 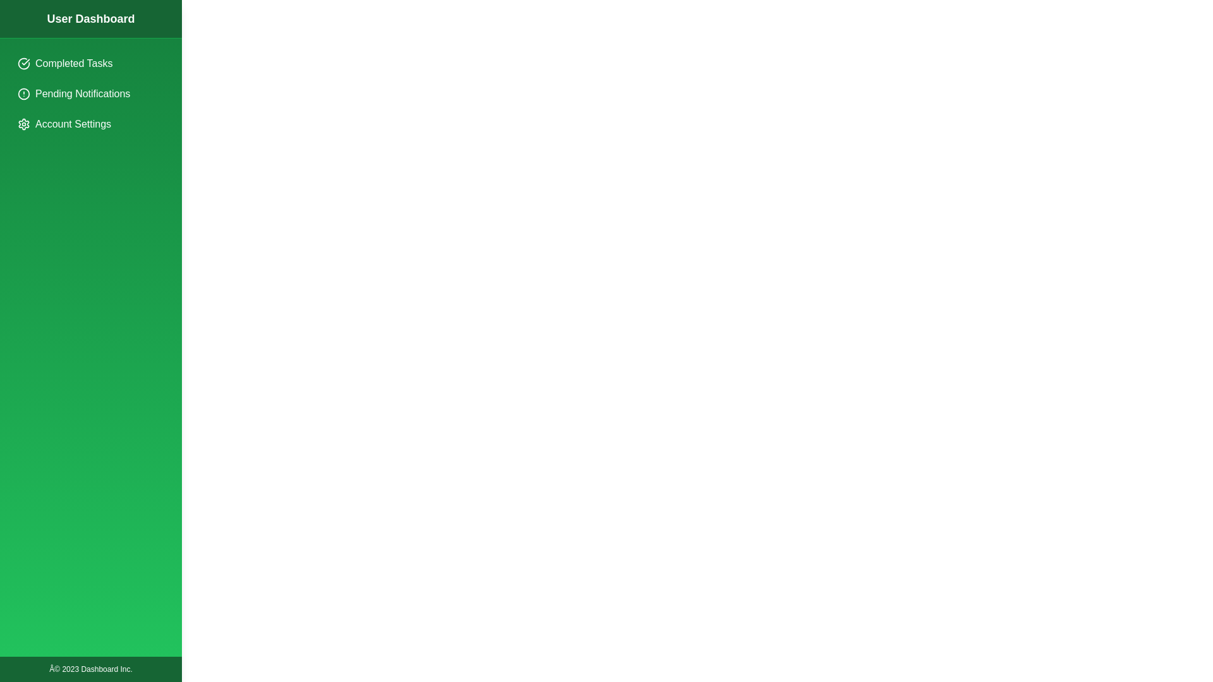 What do you see at coordinates (90, 93) in the screenshot?
I see `the menu item Pending Notifications` at bounding box center [90, 93].